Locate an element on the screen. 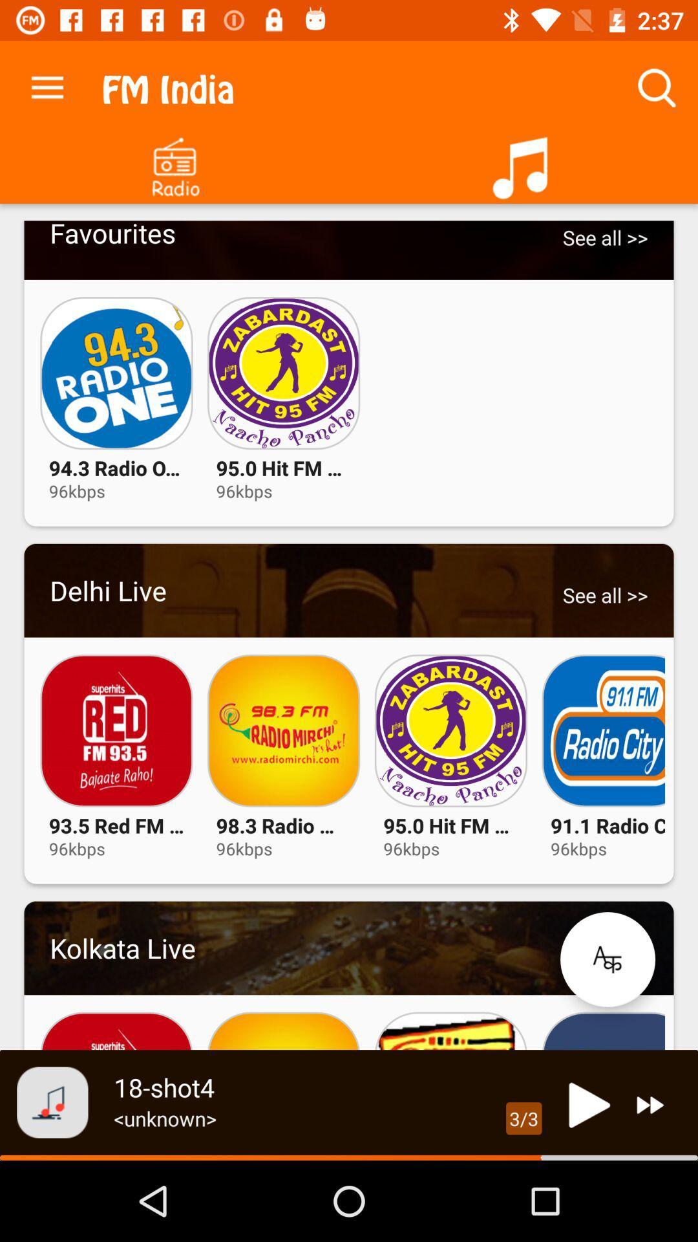  music is located at coordinates (523, 162).